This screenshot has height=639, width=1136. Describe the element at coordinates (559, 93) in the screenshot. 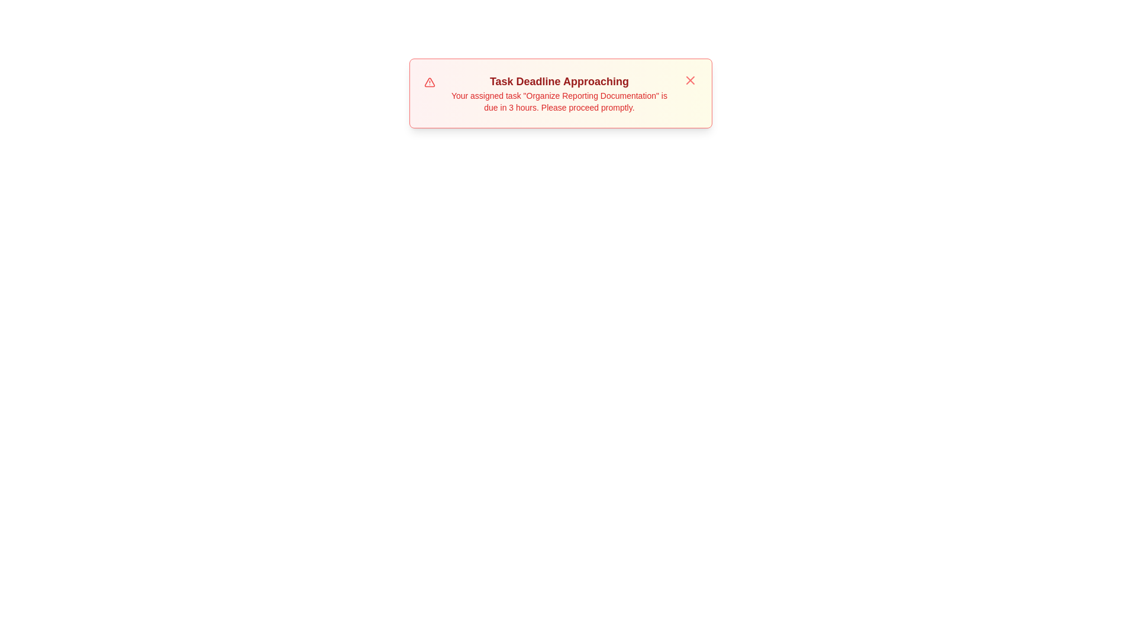

I see `text element that shows 'Task Deadline Approaching' and additional details about a task deadline, which is centrally located within a notification card` at that location.